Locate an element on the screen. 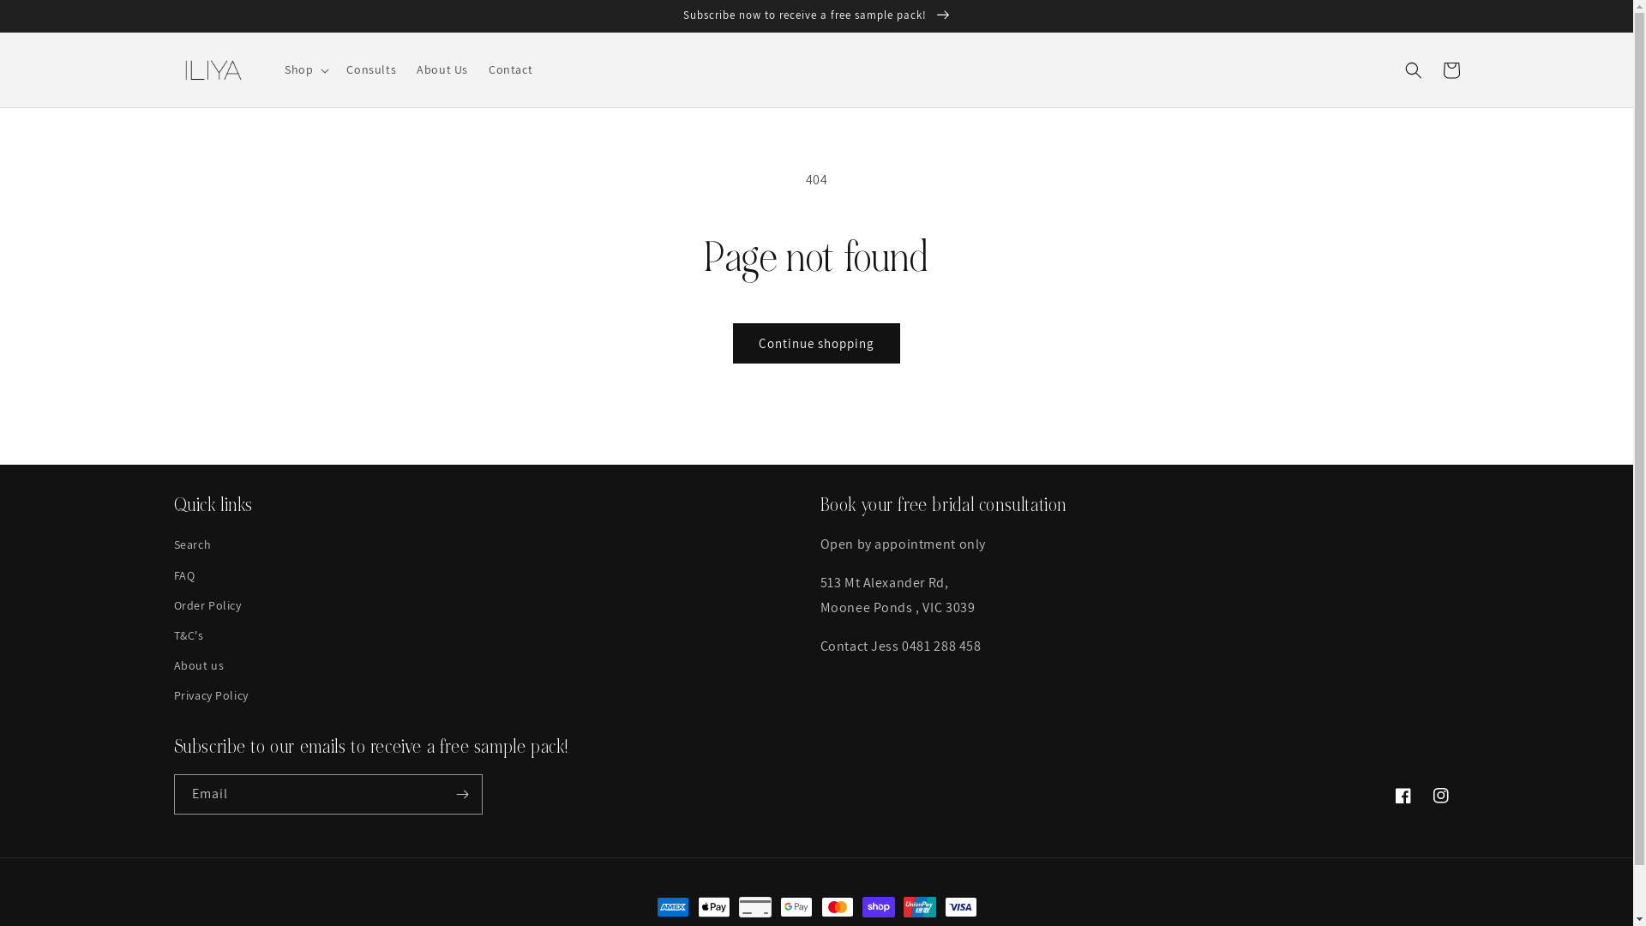 This screenshot has width=1646, height=926. 'T&C's' is located at coordinates (188, 635).